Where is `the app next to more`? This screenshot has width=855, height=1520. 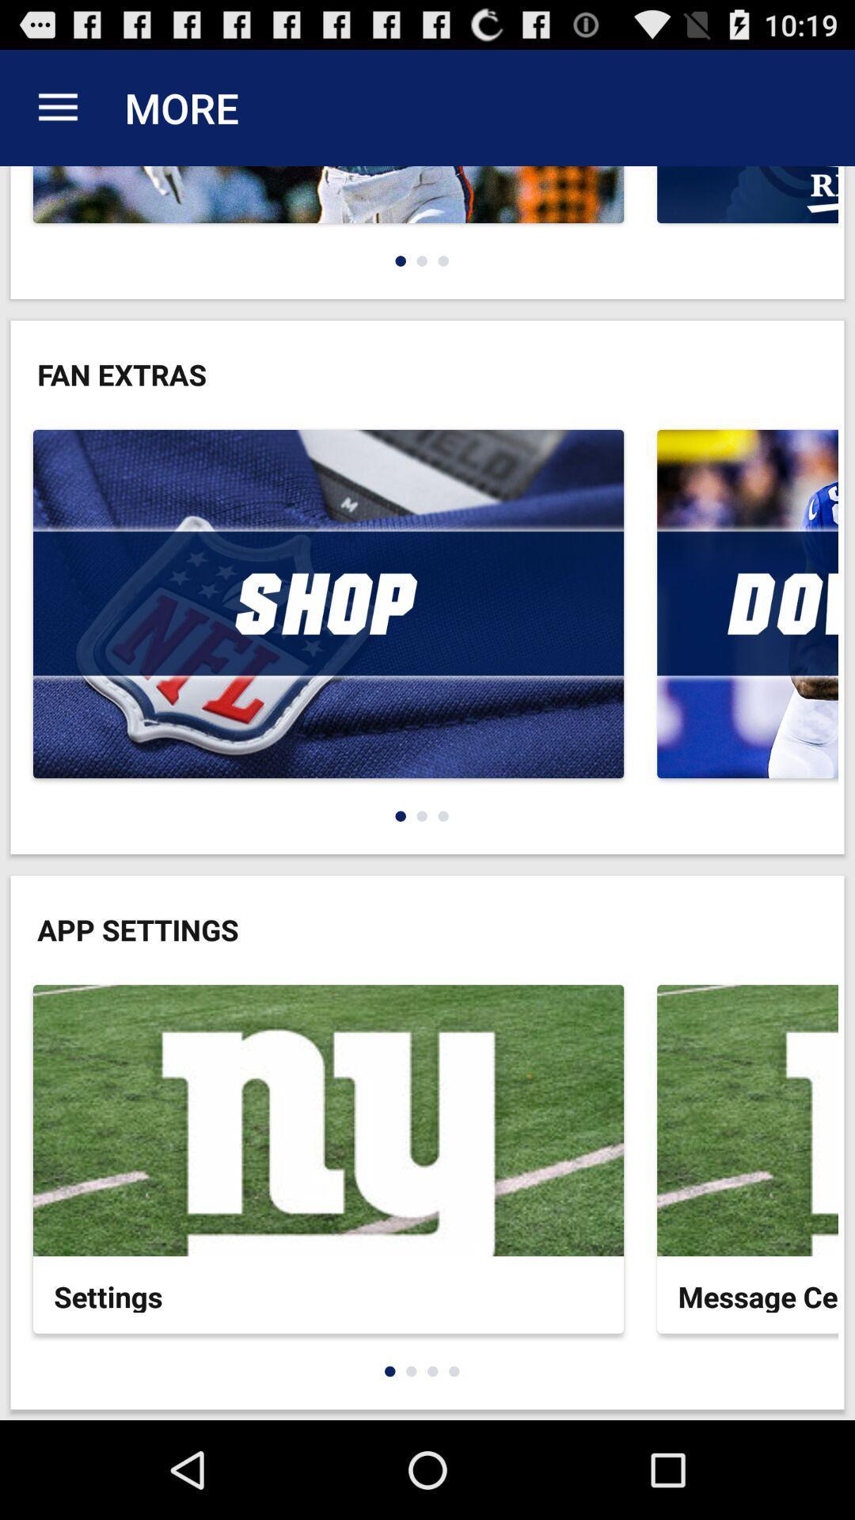 the app next to more is located at coordinates (57, 107).